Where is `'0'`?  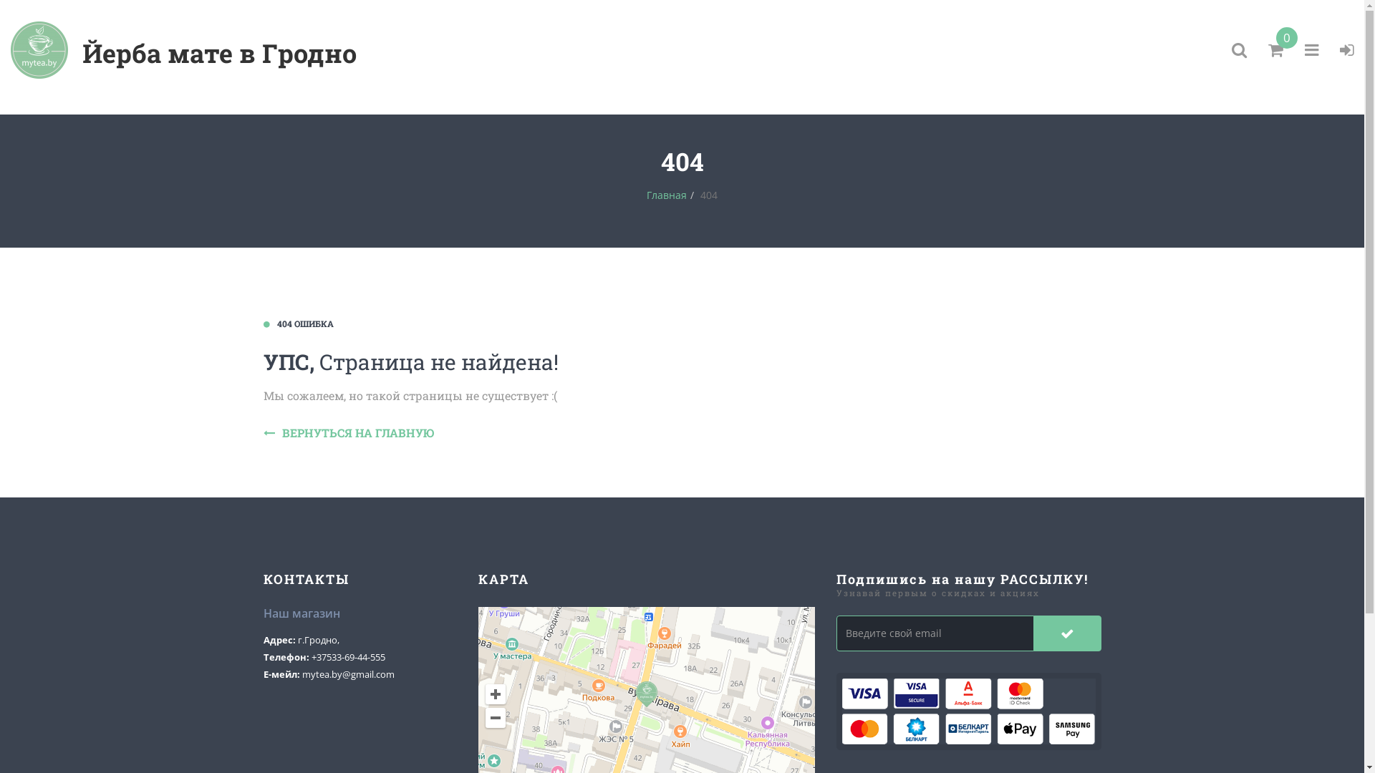 '0' is located at coordinates (1275, 49).